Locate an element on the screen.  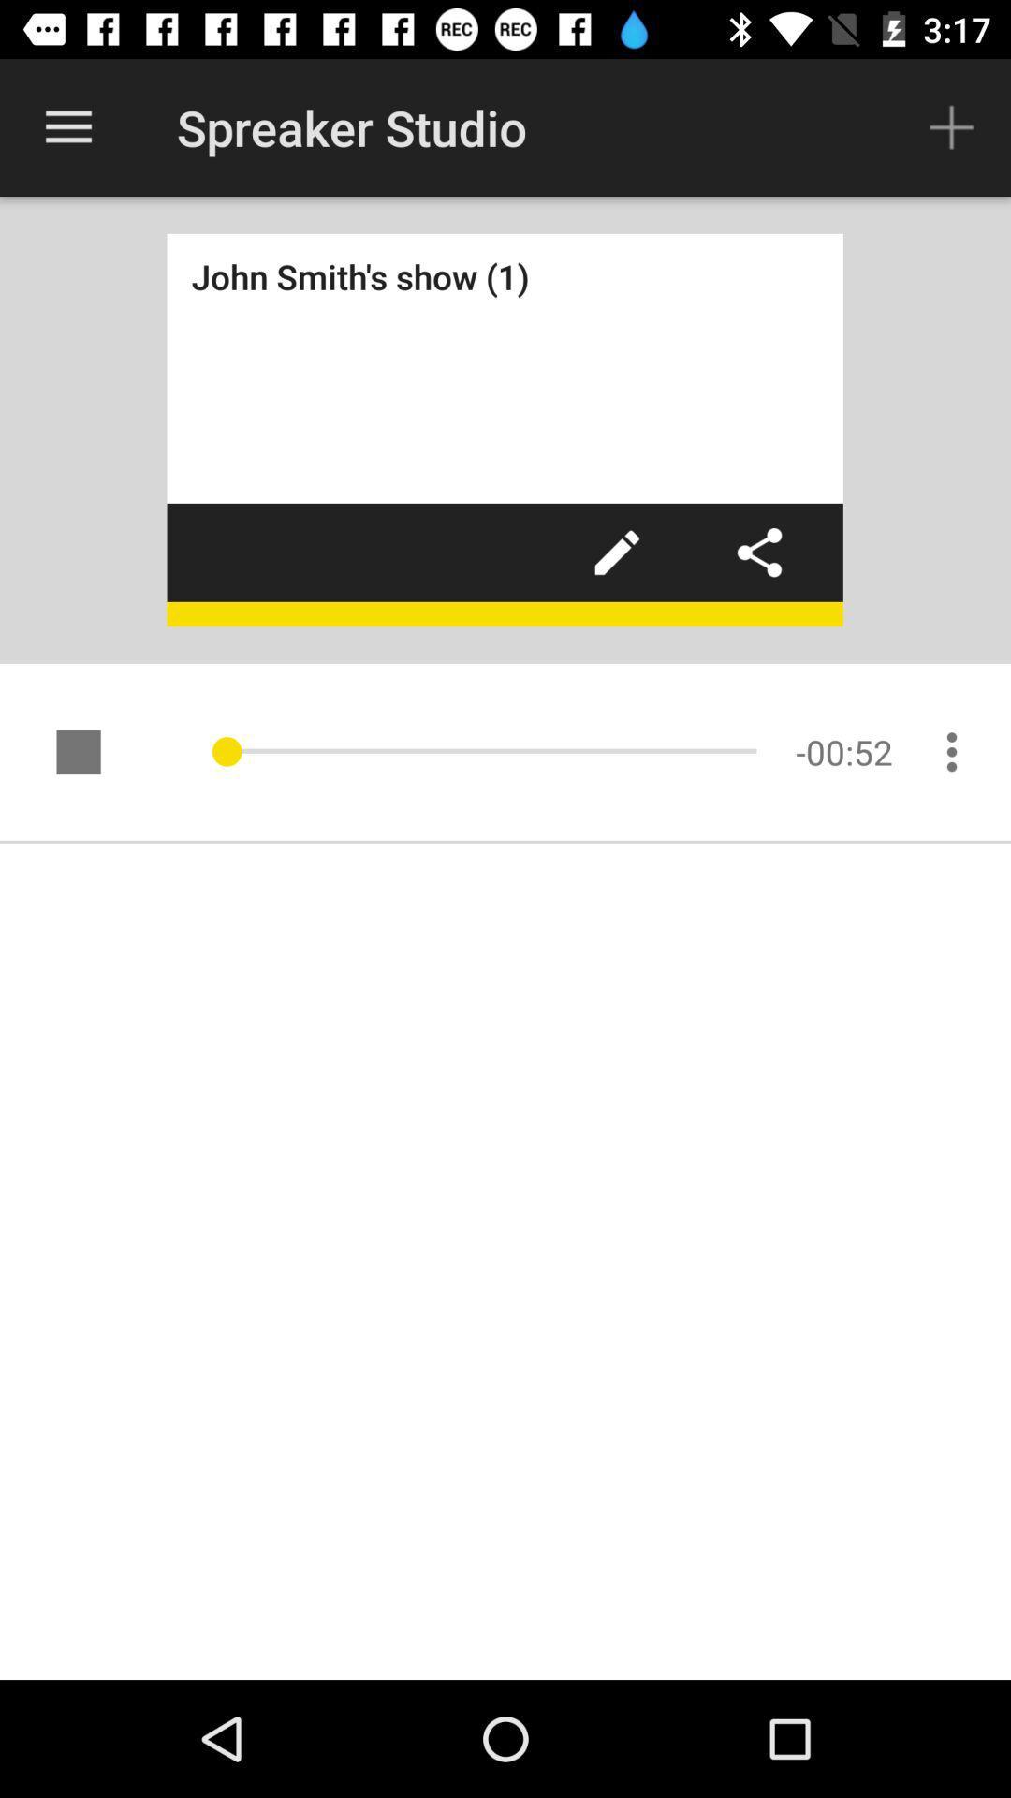
the edit icon is located at coordinates (617, 552).